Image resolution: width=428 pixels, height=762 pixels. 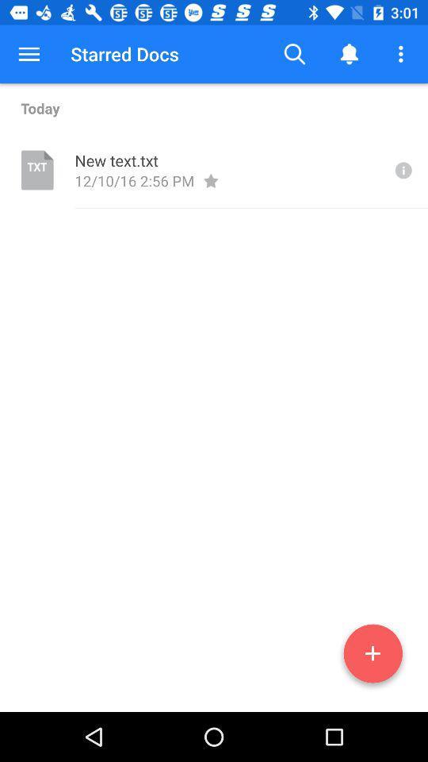 I want to click on new button, so click(x=373, y=656).